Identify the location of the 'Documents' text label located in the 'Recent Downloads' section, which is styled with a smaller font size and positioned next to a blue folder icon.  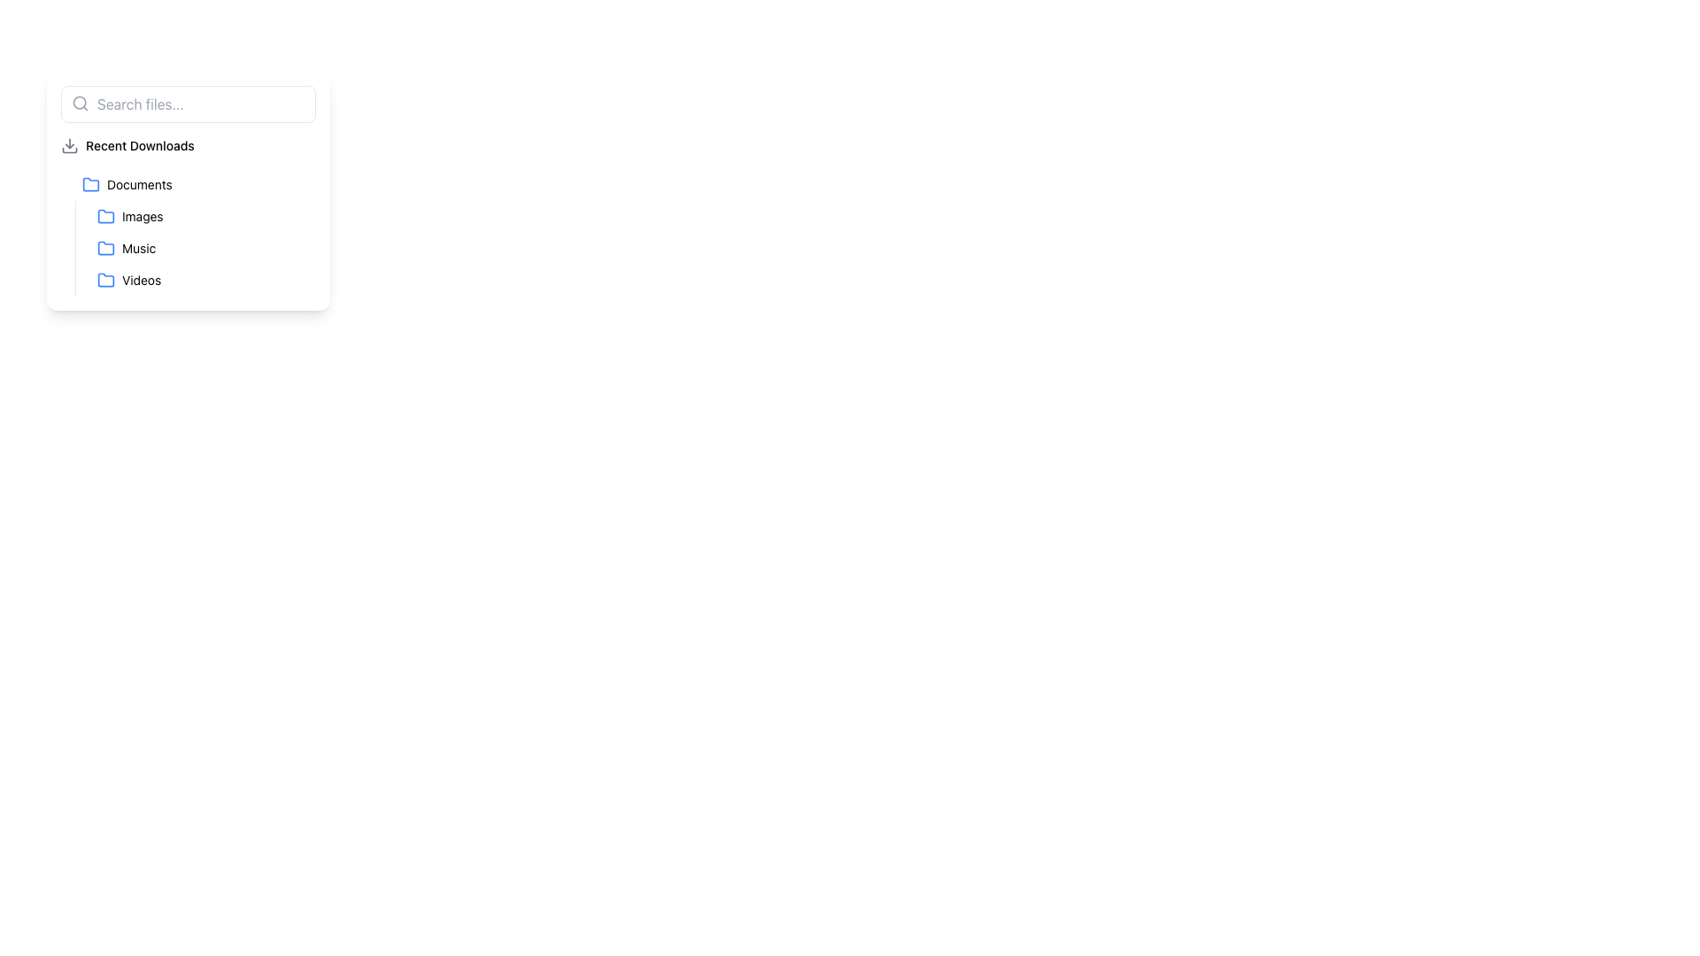
(138, 184).